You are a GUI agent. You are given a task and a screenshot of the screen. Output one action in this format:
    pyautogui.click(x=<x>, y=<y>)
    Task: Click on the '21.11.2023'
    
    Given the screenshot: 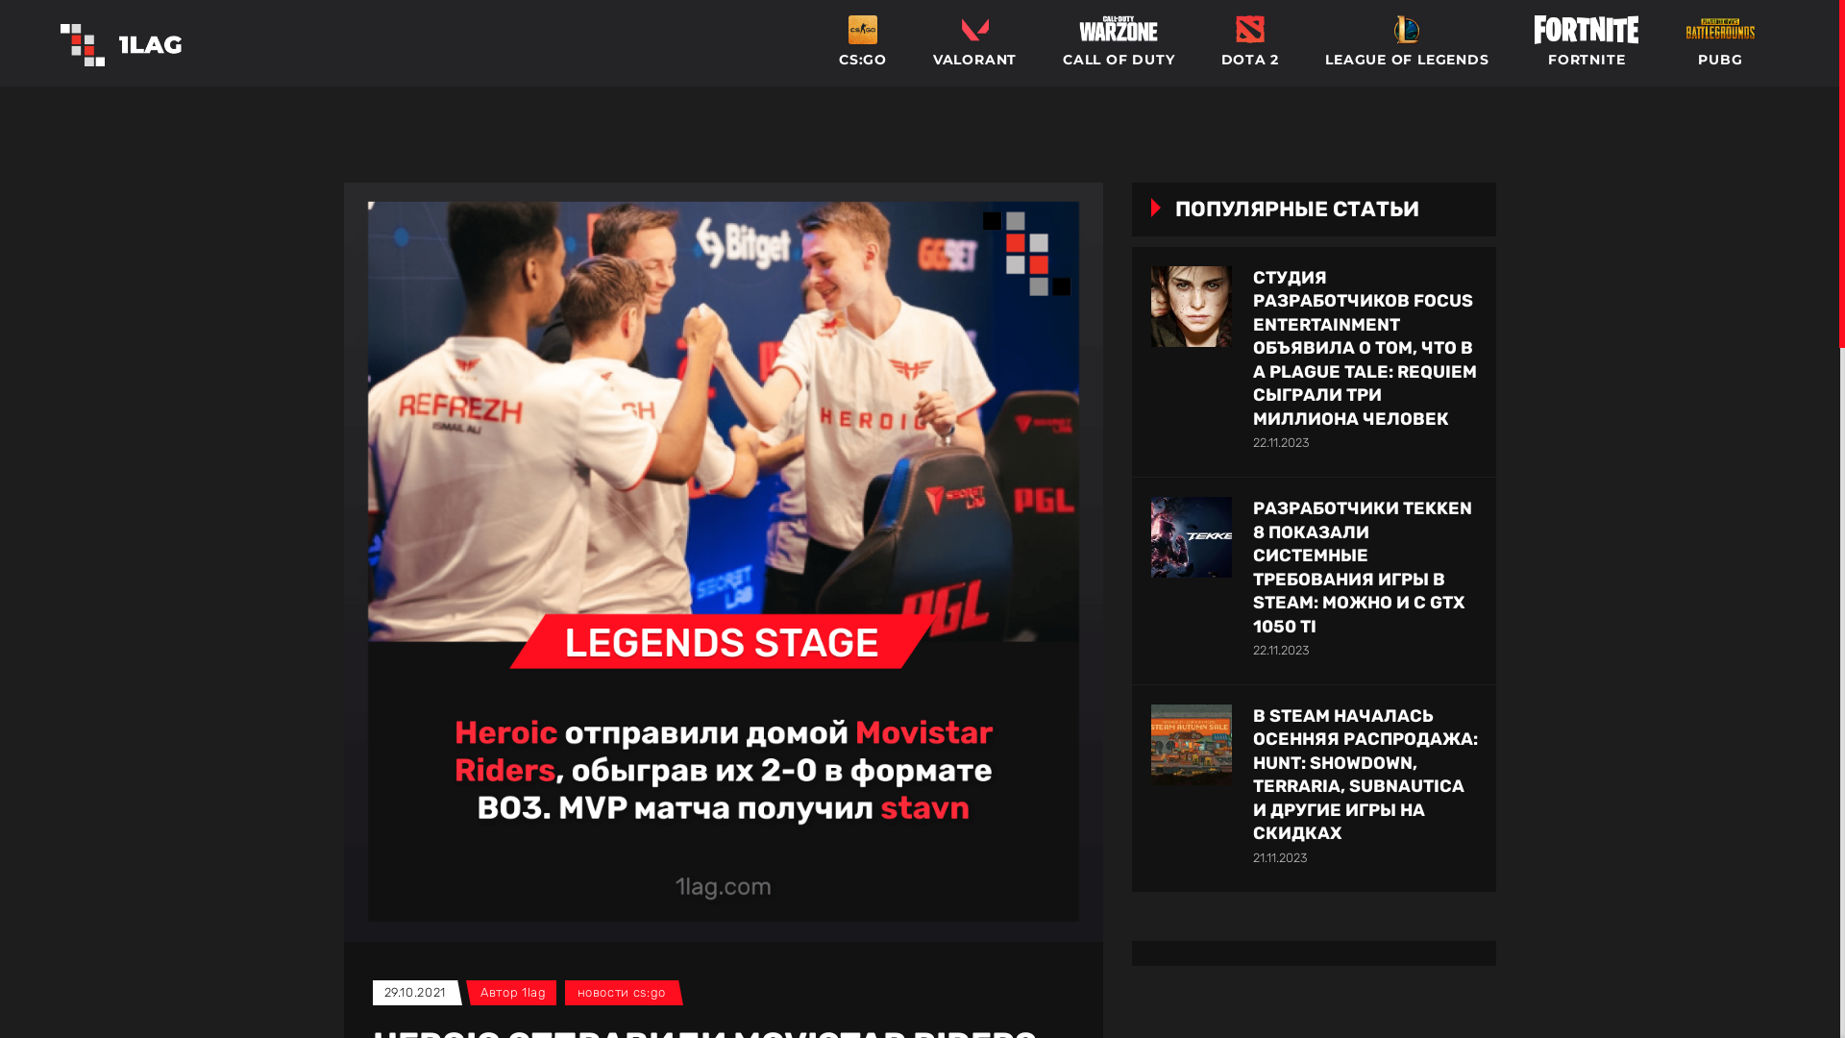 What is the action you would take?
    pyautogui.click(x=1280, y=856)
    